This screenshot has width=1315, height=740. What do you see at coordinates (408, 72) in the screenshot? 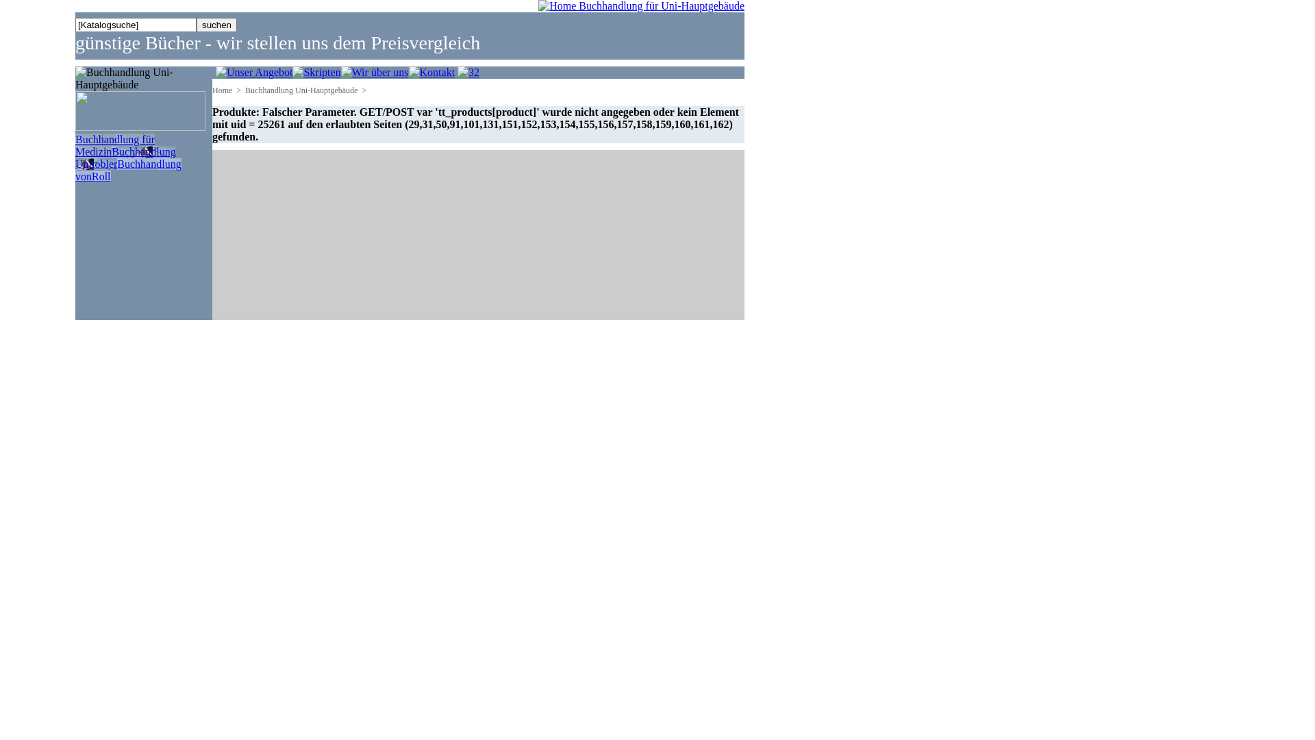
I see `'Kontakt'` at bounding box center [408, 72].